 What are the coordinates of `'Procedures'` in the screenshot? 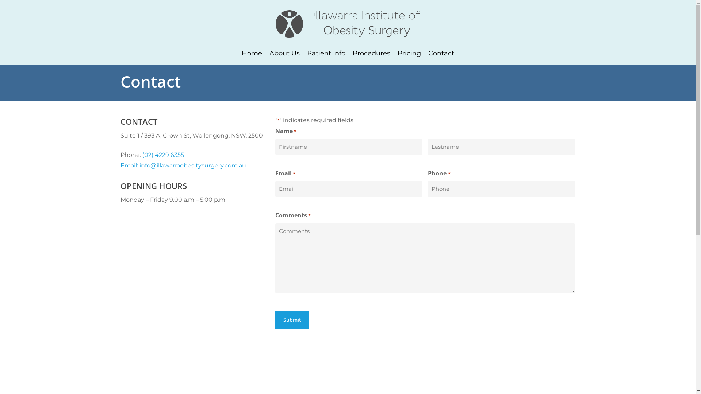 It's located at (352, 53).